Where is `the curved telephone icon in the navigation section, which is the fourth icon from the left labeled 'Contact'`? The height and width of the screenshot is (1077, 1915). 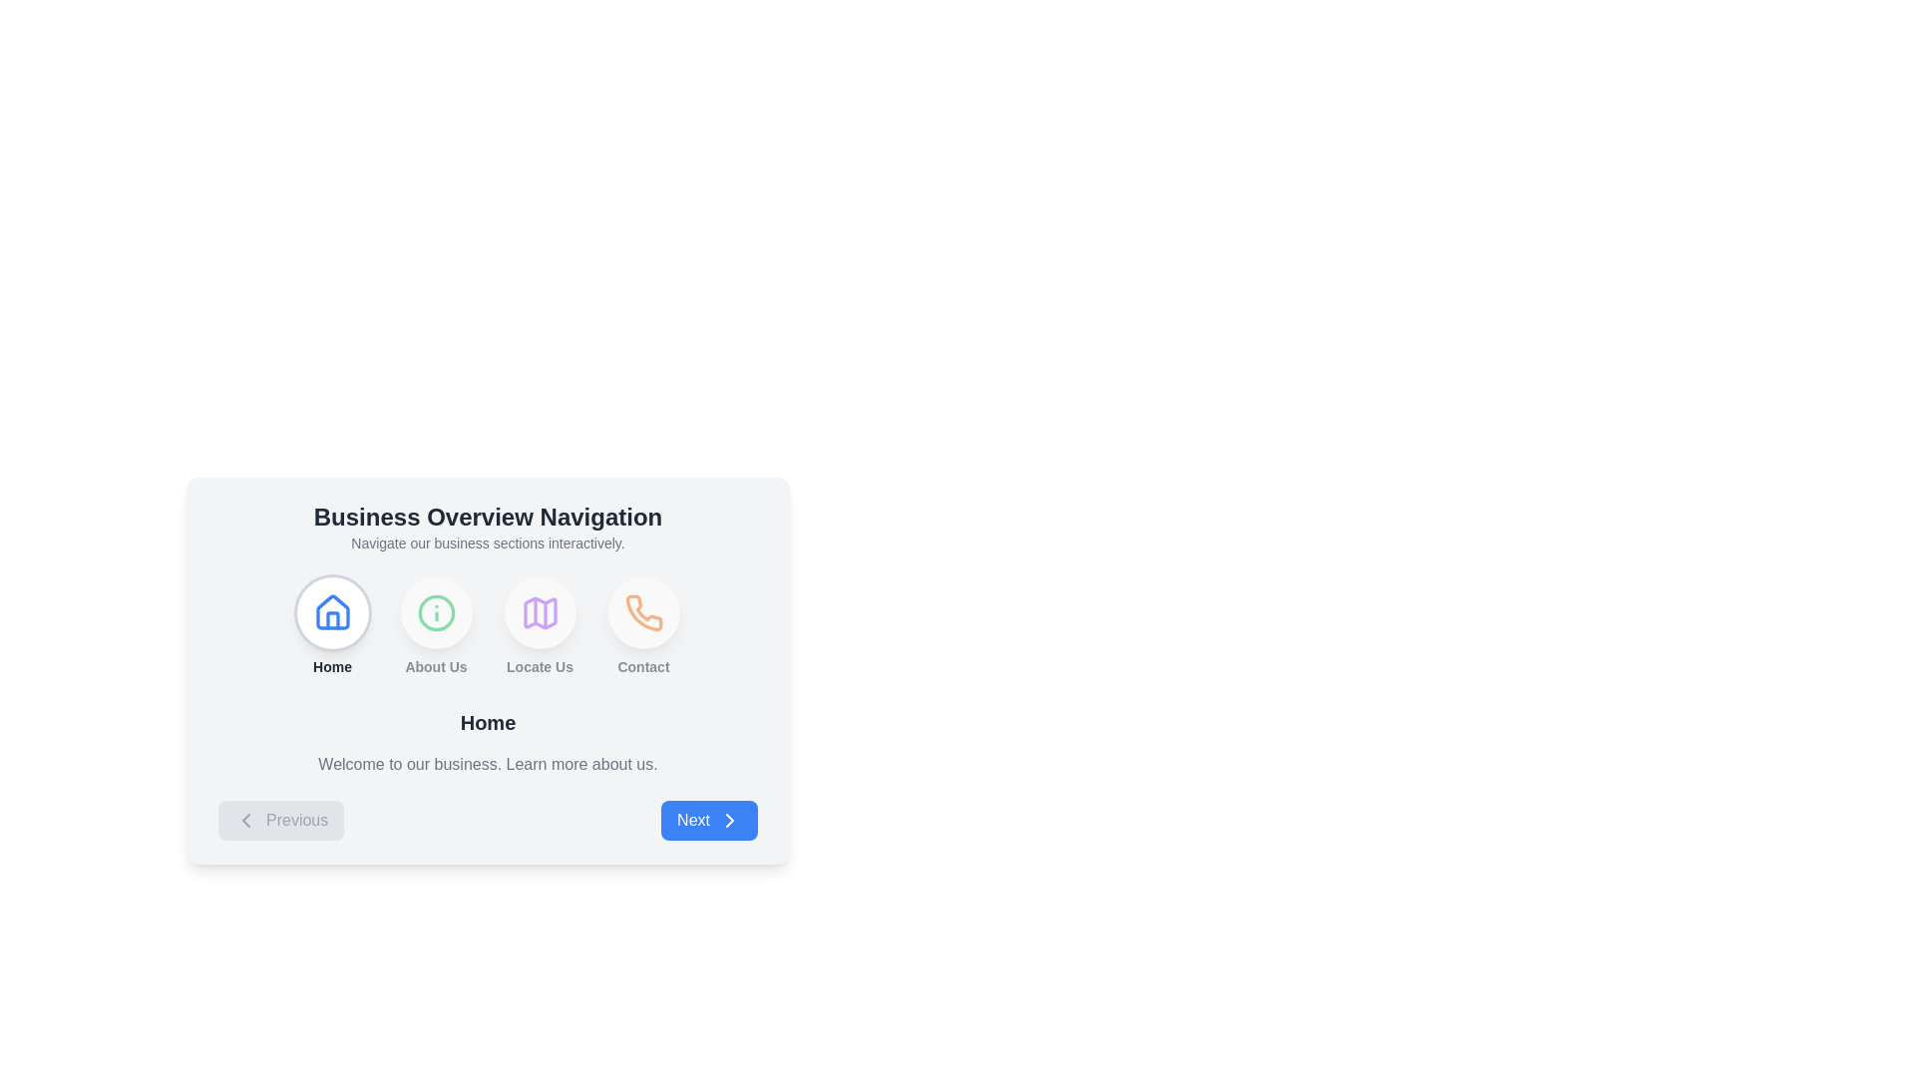 the curved telephone icon in the navigation section, which is the fourth icon from the left labeled 'Contact' is located at coordinates (643, 611).